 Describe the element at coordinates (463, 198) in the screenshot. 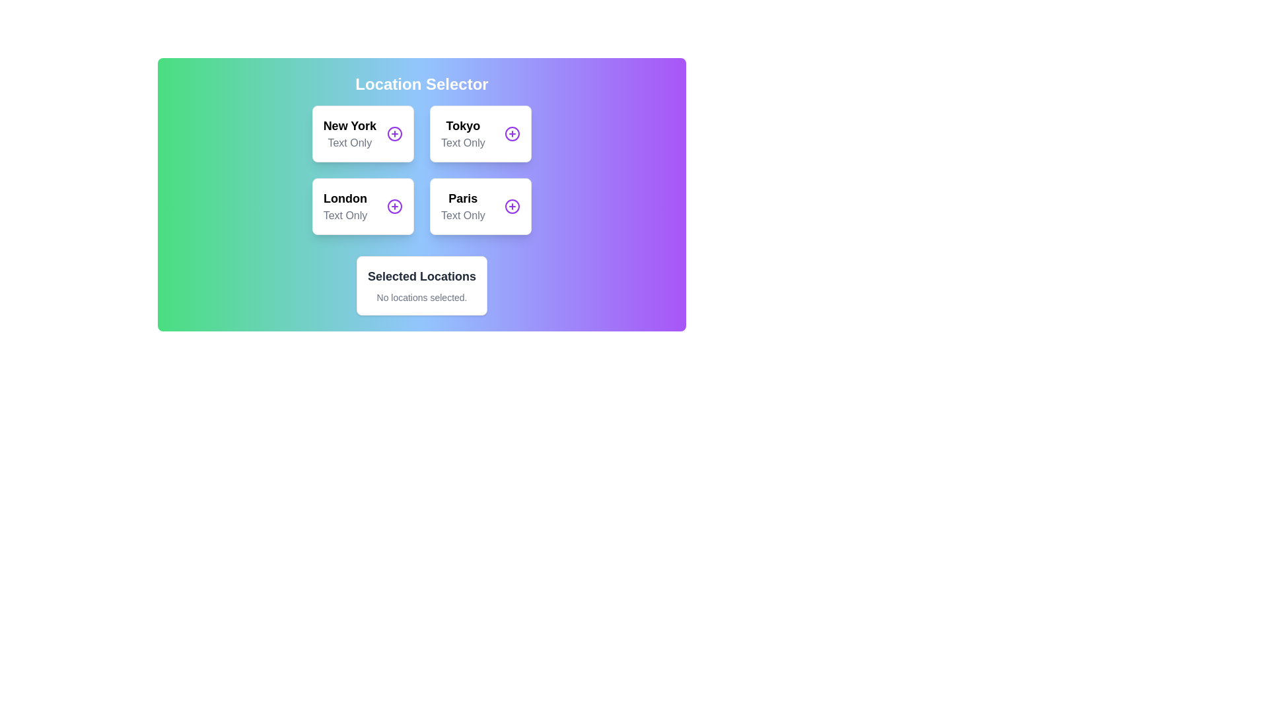

I see `the 'Paris' name label in the Location Selector section, which is positioned between 'London' and a '+' button` at that location.